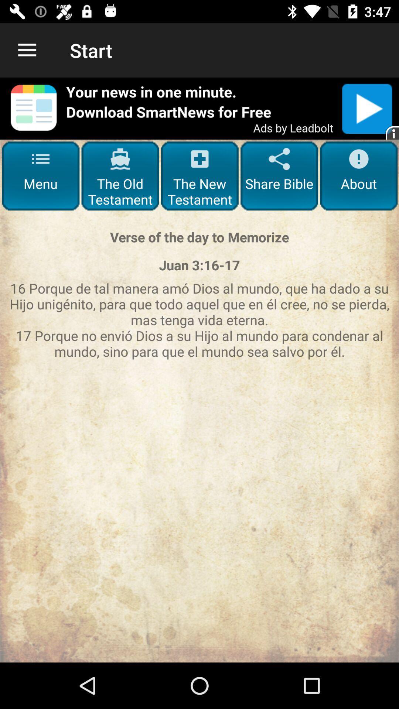  Describe the element at coordinates (358, 175) in the screenshot. I see `about` at that location.